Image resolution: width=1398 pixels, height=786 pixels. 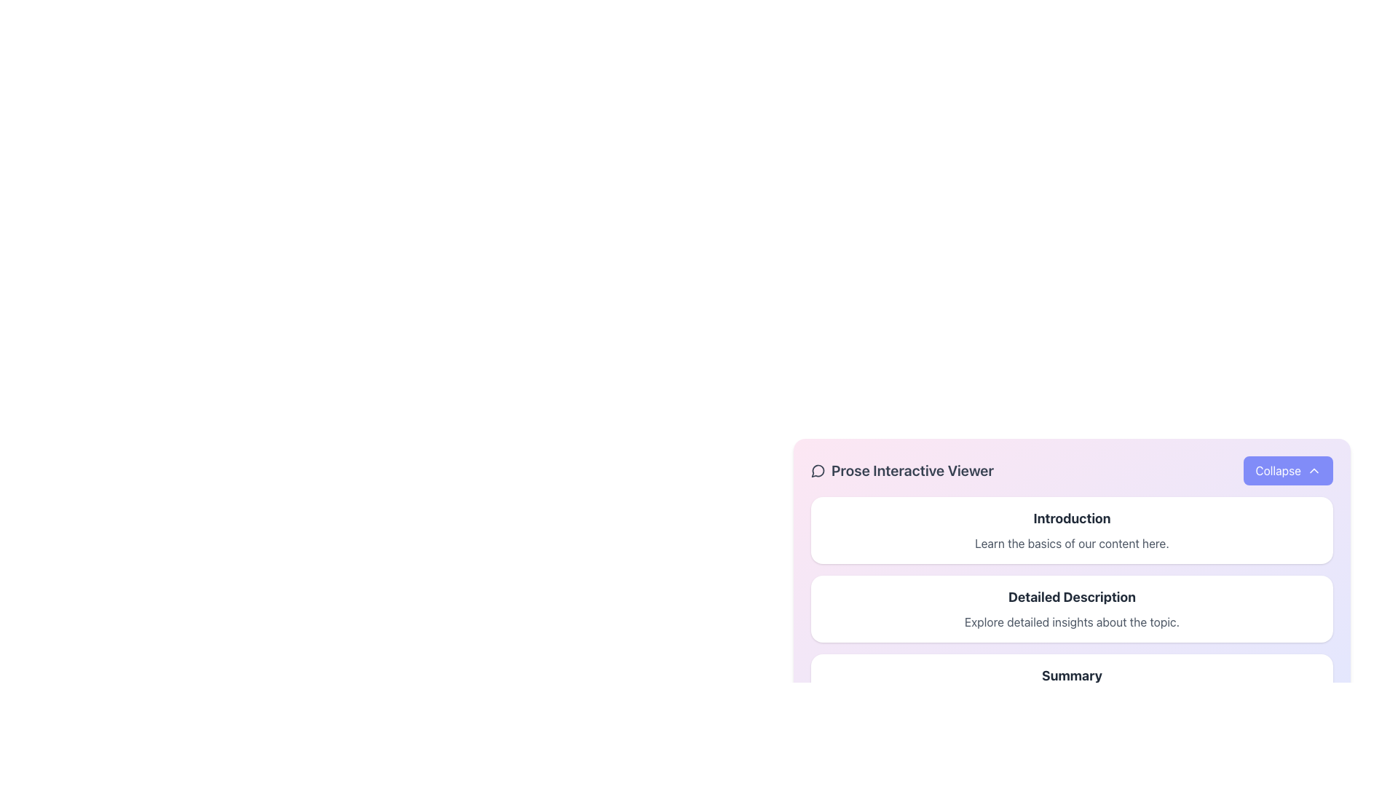 I want to click on the second content block, which is located between the 'Introduction' and 'Summary' sections, providing a description and links to more information, so click(x=1072, y=609).